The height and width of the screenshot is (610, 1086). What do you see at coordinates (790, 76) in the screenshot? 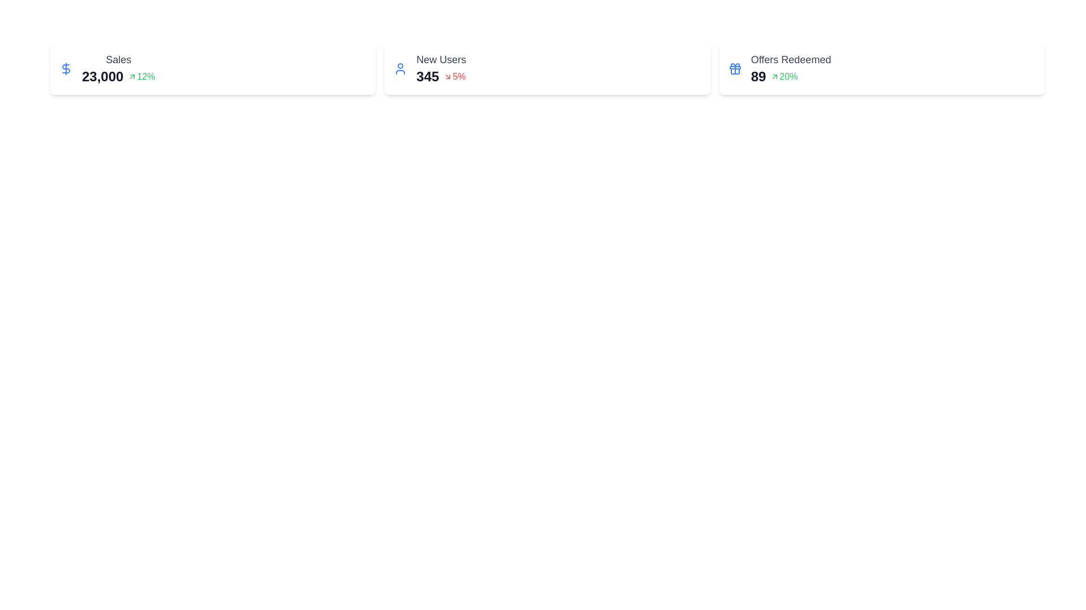
I see `the compound statistic display showing '89' and '20%' within the 'Offers Redeemed' card on the dashboard` at bounding box center [790, 76].